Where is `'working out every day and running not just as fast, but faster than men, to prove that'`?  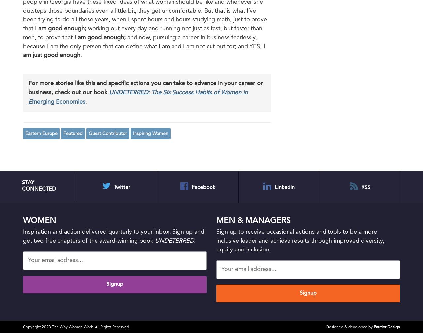
'working out every day and running not just as fast, but faster than men, to prove that' is located at coordinates (142, 32).